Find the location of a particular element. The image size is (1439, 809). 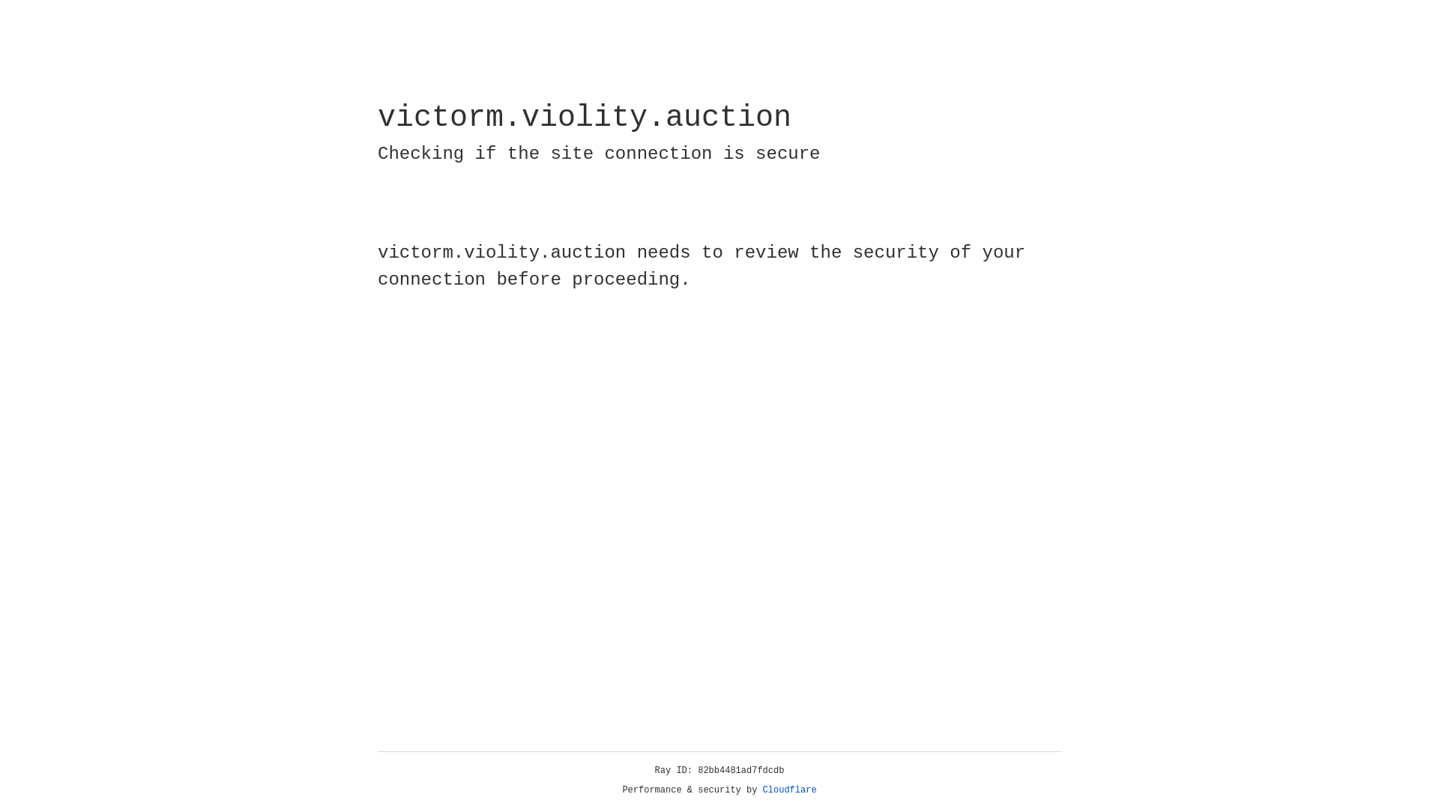

'Cloudflare' is located at coordinates (789, 790).